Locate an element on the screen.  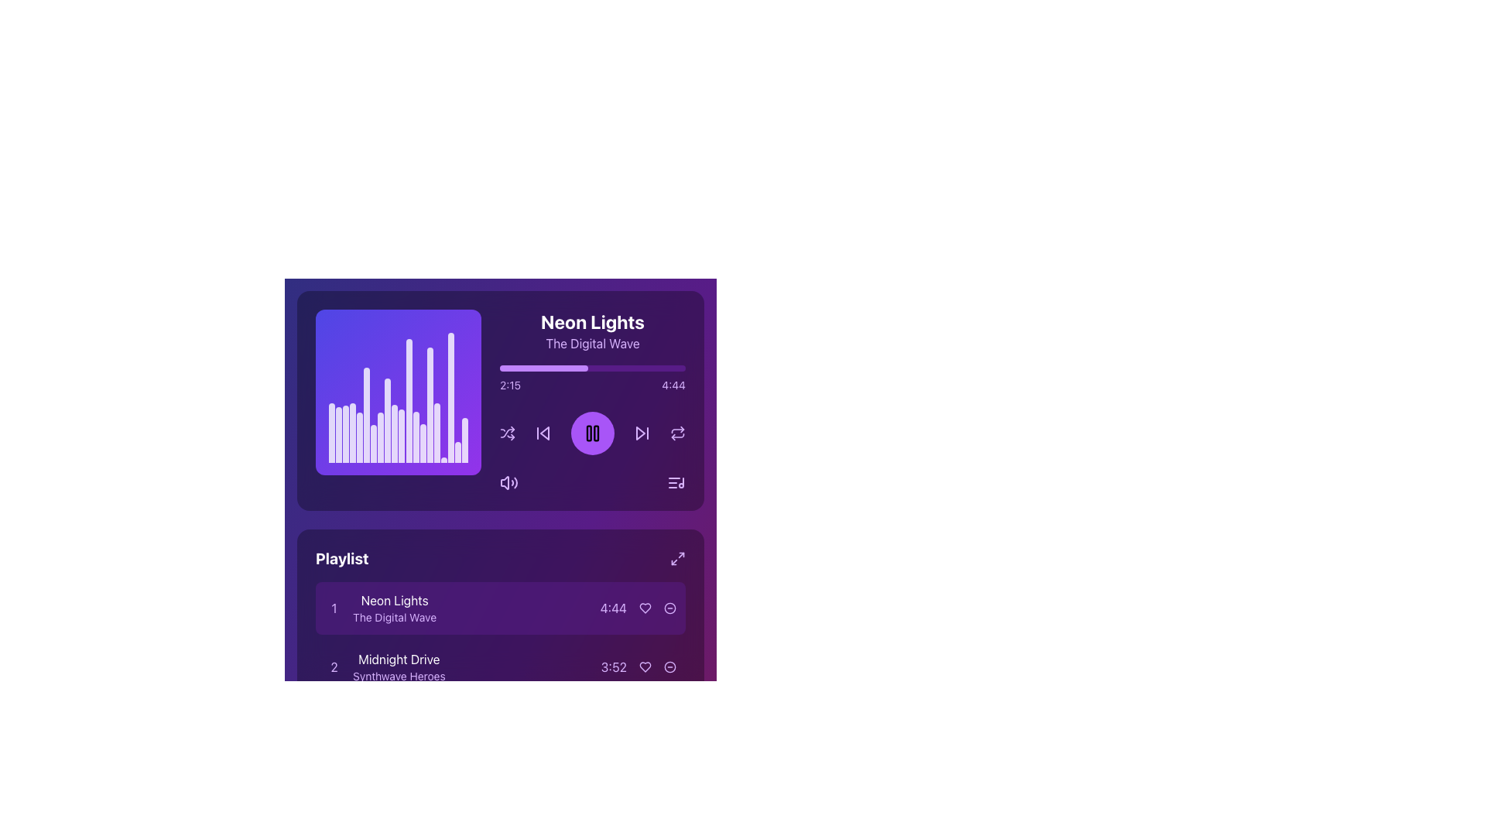
the text label that shows the total duration of the currently playing track, located at the top-right corner of the interface, to the right of the 'Neon Lights' song title and progress bar is located at coordinates (673, 384).